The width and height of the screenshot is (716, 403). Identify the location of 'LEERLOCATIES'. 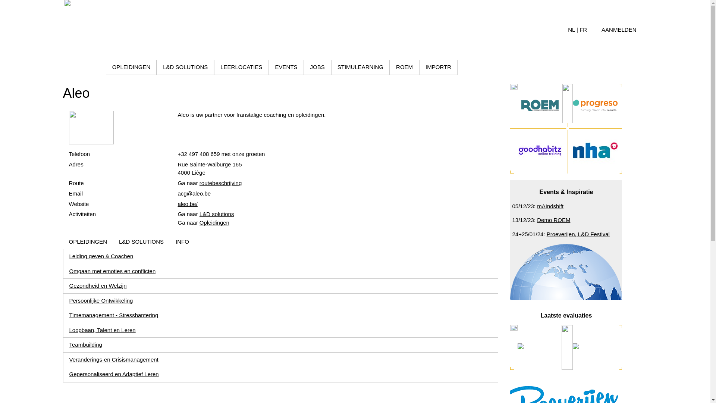
(241, 67).